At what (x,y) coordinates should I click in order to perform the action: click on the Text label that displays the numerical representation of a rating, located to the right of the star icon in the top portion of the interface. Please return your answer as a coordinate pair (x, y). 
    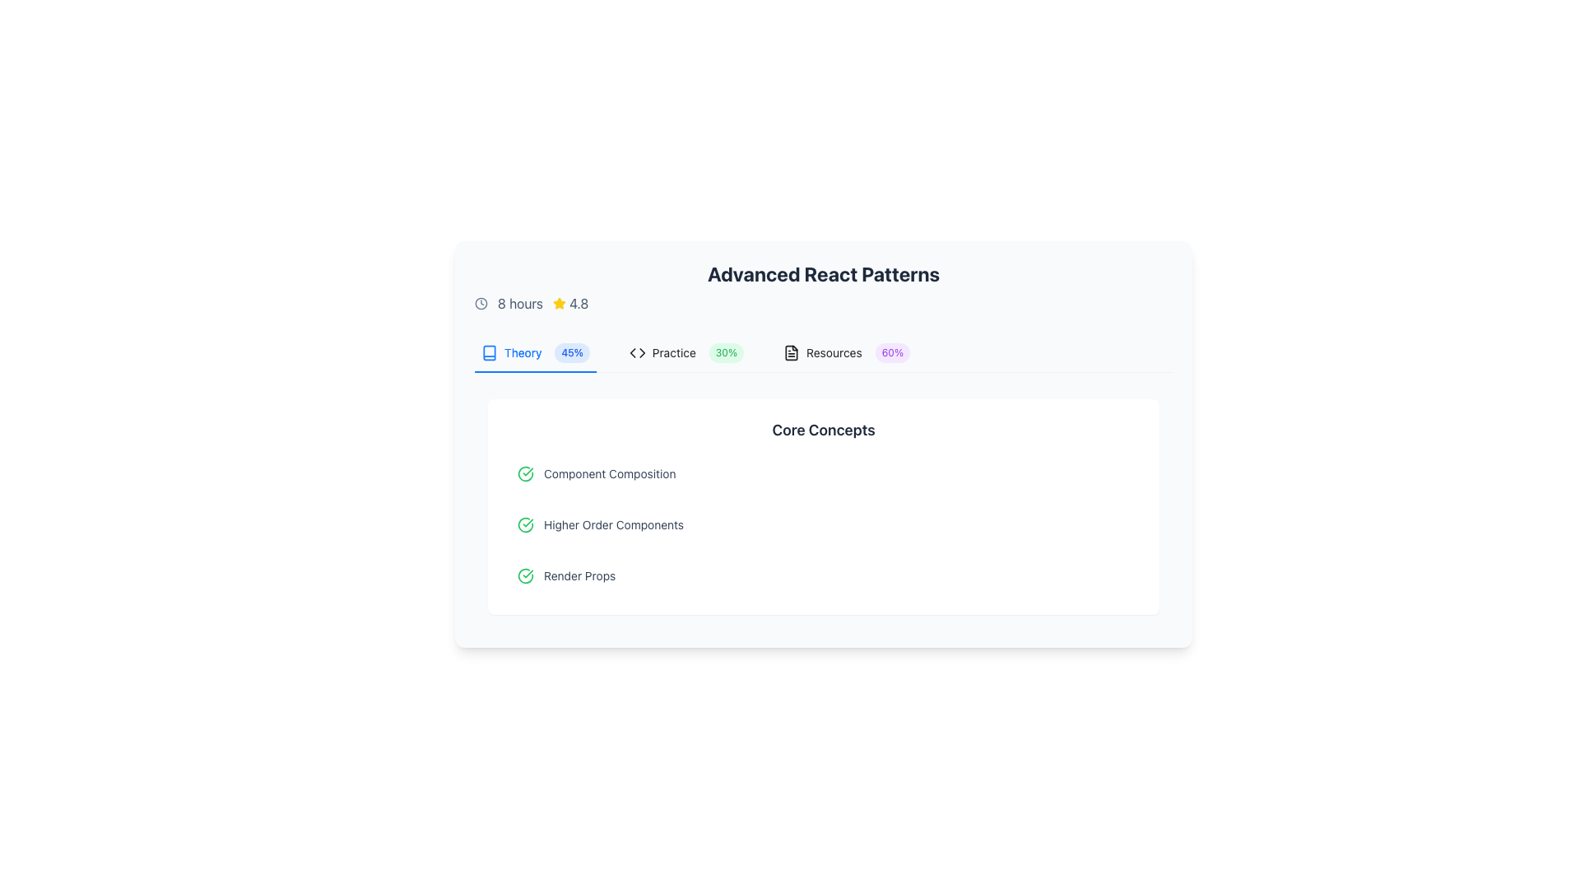
    Looking at the image, I should click on (579, 304).